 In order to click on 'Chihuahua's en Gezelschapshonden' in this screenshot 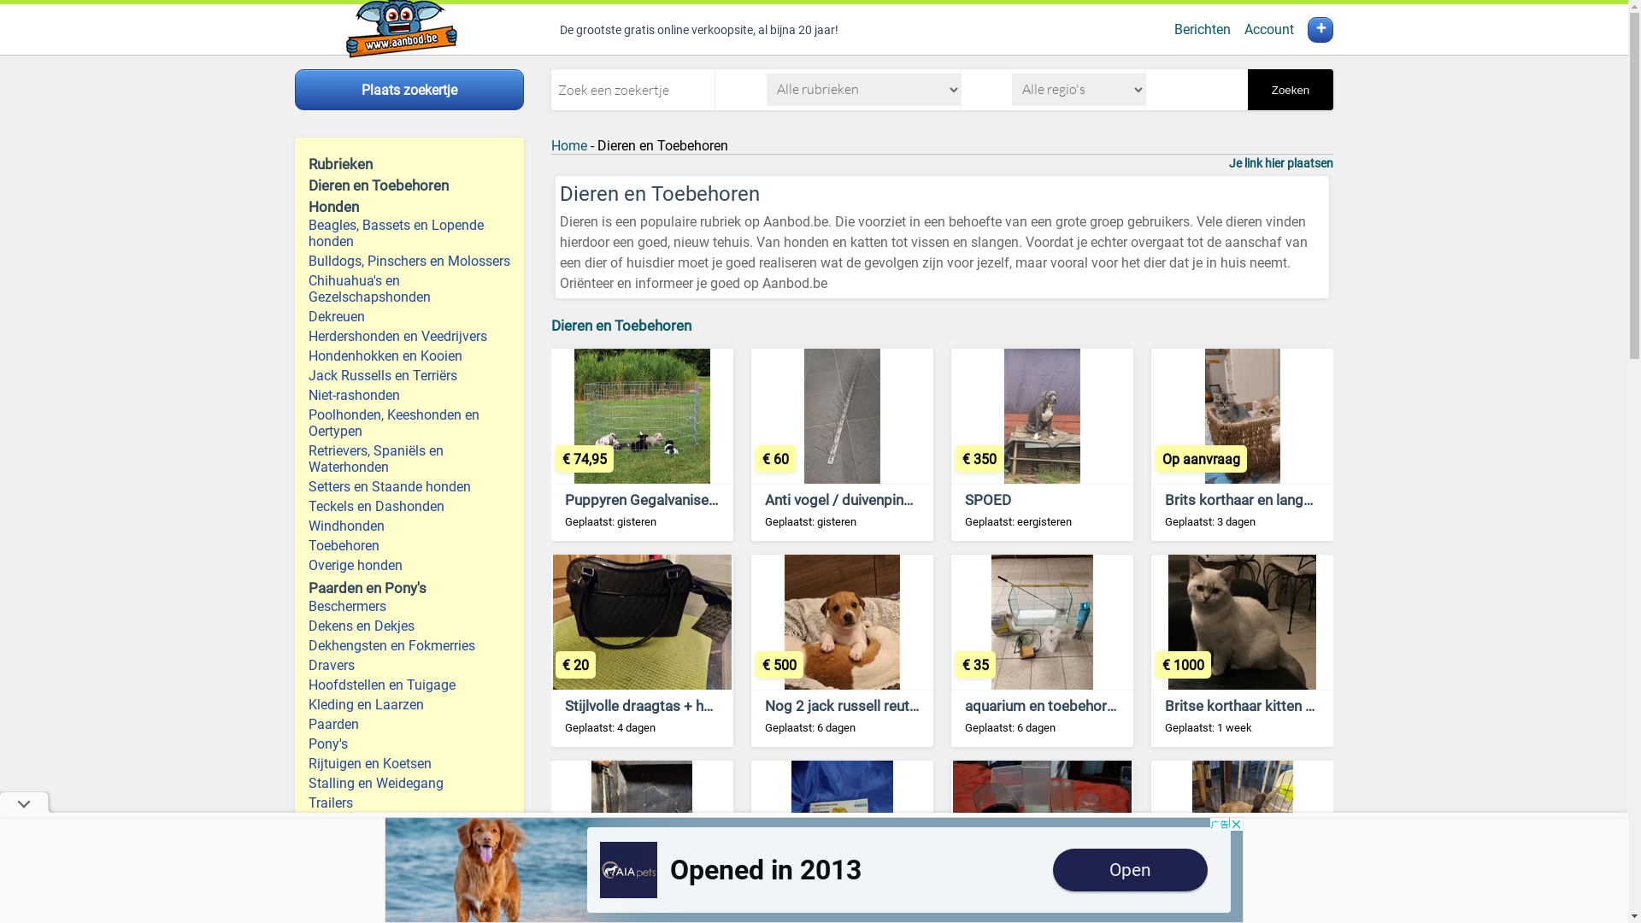, I will do `click(409, 288)`.